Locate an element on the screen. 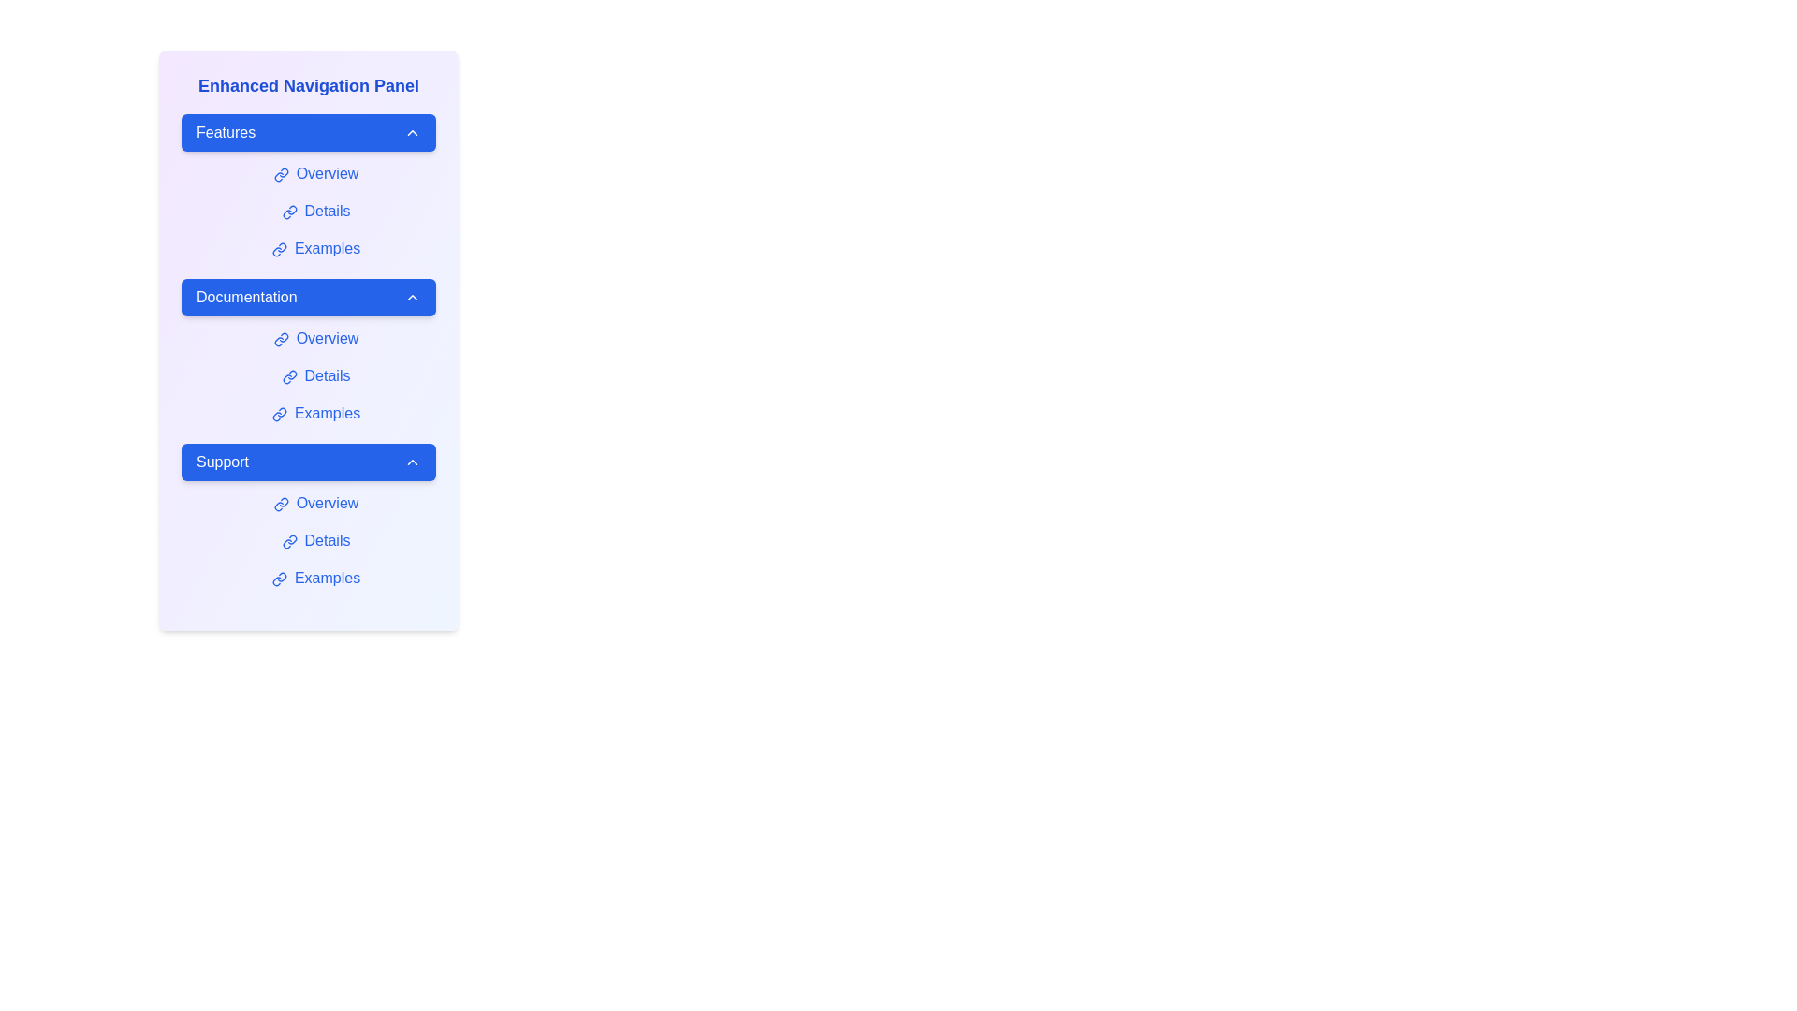 The image size is (1797, 1011). the toggle indicator icon located in the 'Features' section of the Enhanced Navigation Panel is located at coordinates (412, 132).